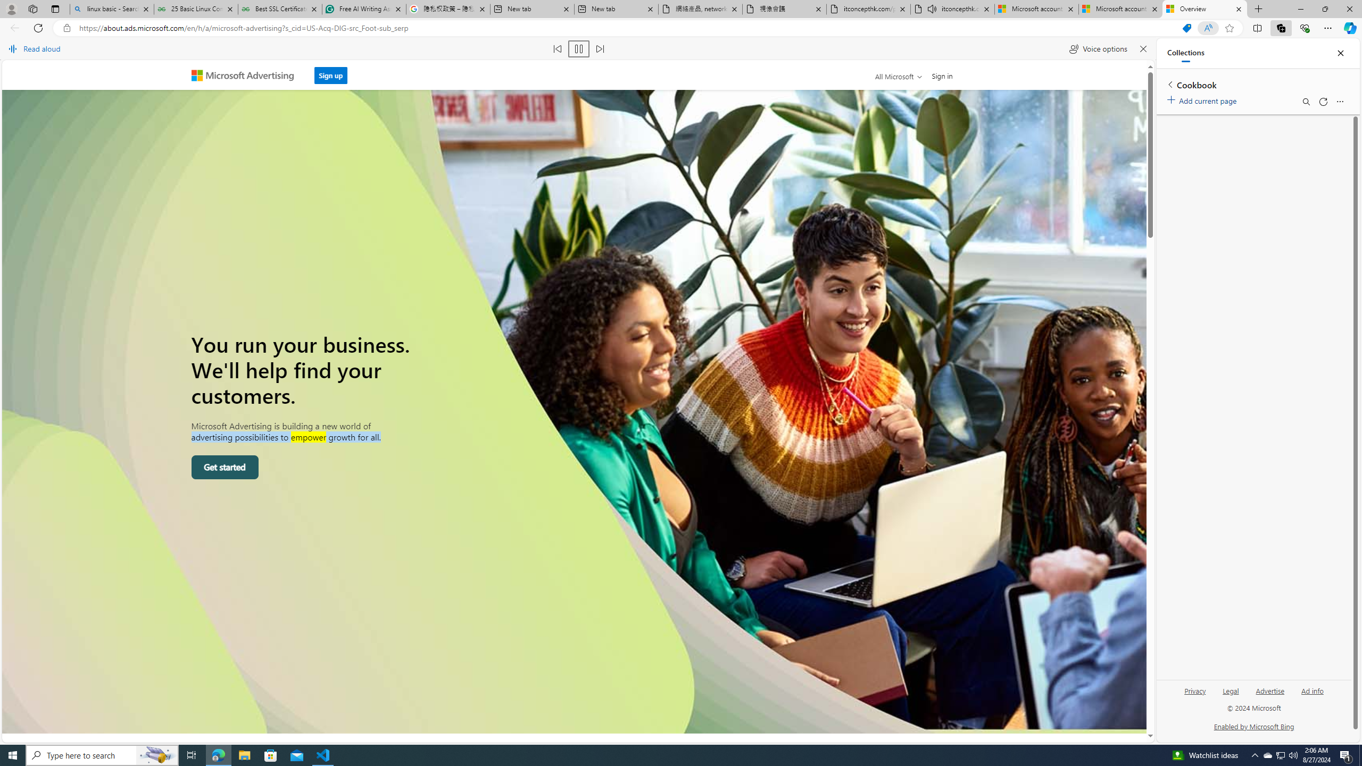 This screenshot has height=766, width=1362. What do you see at coordinates (868, 9) in the screenshot?
I see `'itconcepthk.com/projector_solutions.mp4'` at bounding box center [868, 9].